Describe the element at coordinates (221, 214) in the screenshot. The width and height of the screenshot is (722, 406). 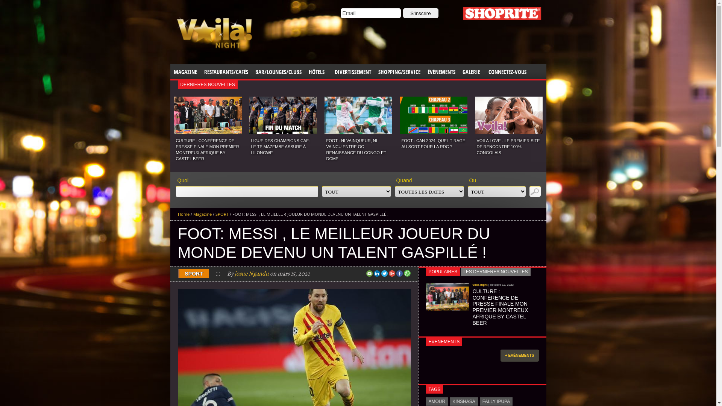
I see `'SPORT'` at that location.